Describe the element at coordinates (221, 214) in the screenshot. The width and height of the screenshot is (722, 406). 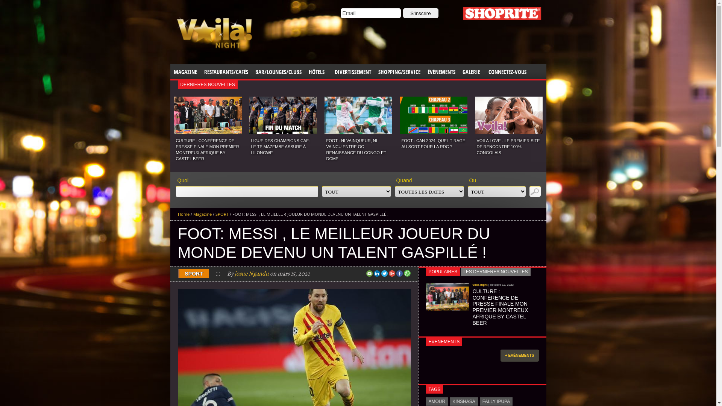
I see `'SPORT'` at that location.